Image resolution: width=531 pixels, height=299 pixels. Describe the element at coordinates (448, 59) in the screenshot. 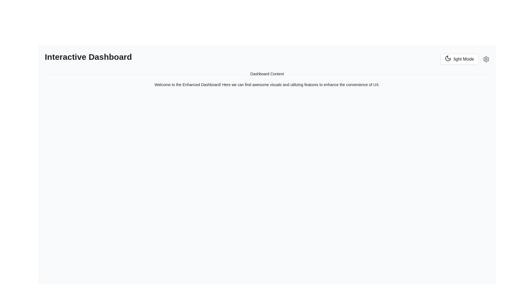

I see `the circular moon icon with a crescent shape, located within the 'light Mode' button on the far right of the user interface` at that location.